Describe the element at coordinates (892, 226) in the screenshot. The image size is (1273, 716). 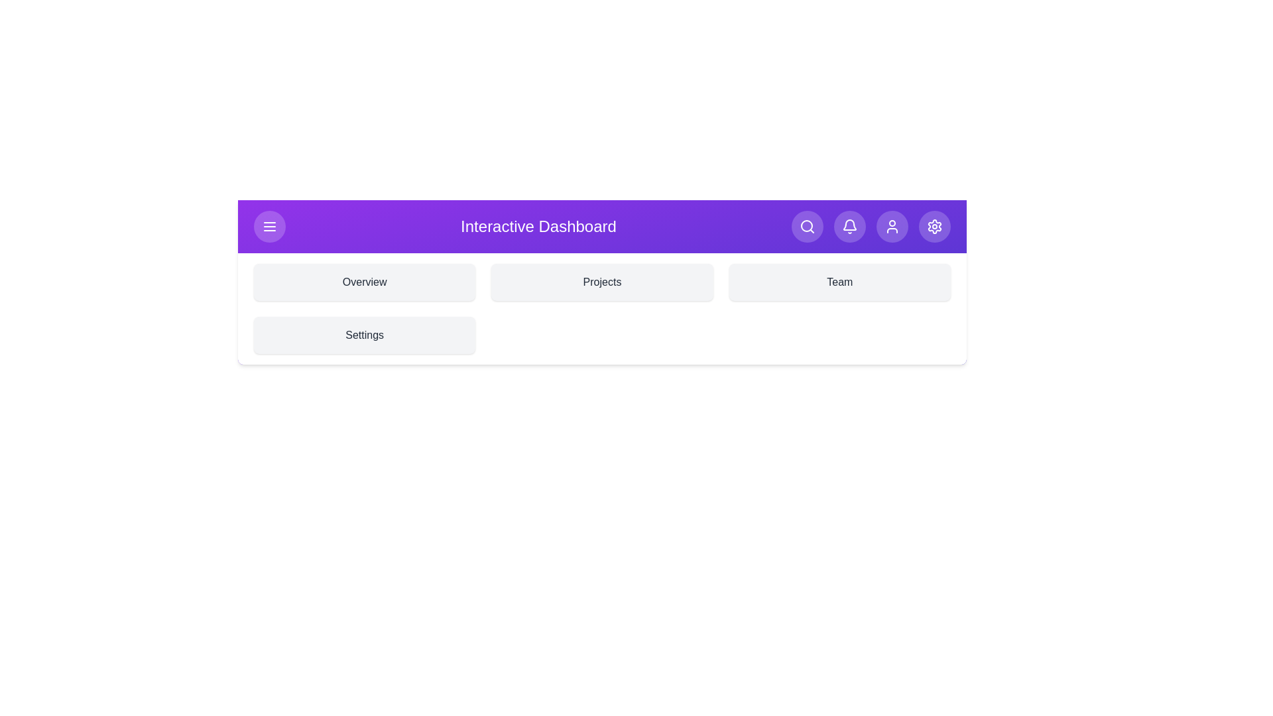
I see `the user icon to open user-related options` at that location.